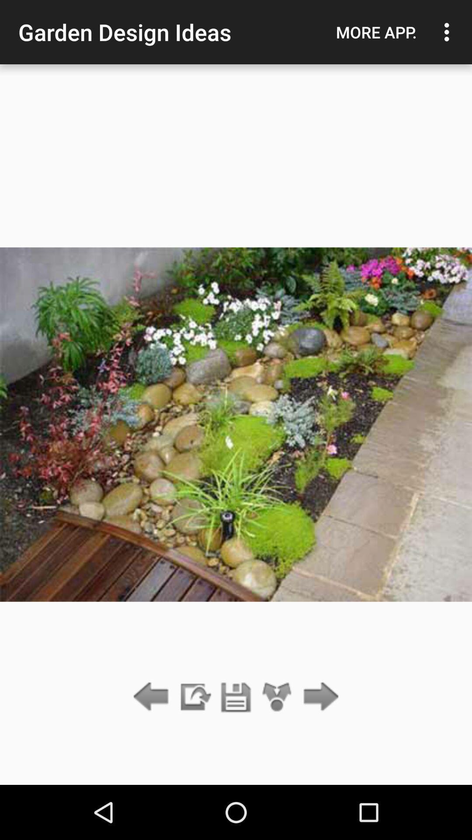 The width and height of the screenshot is (472, 840). What do you see at coordinates (449, 32) in the screenshot?
I see `the item to the right of more app.` at bounding box center [449, 32].